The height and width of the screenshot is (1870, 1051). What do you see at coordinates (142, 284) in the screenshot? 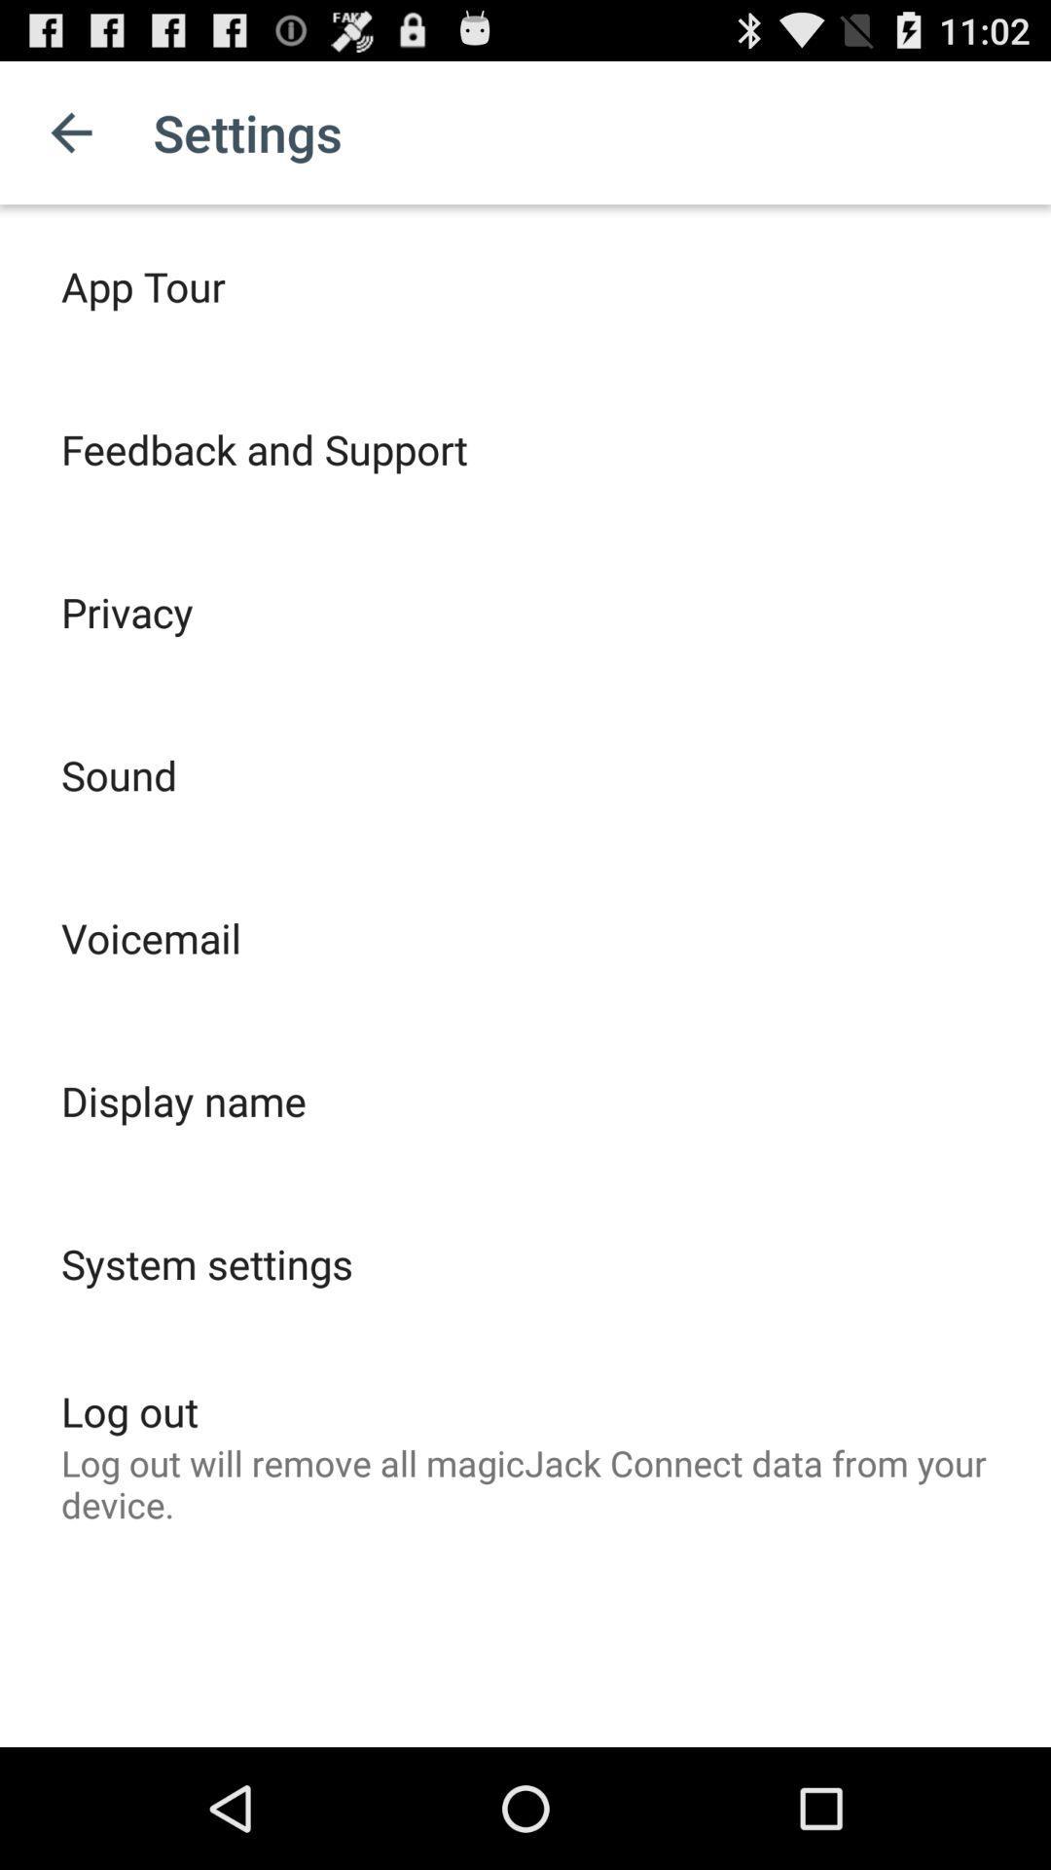
I see `the app tour item` at bounding box center [142, 284].